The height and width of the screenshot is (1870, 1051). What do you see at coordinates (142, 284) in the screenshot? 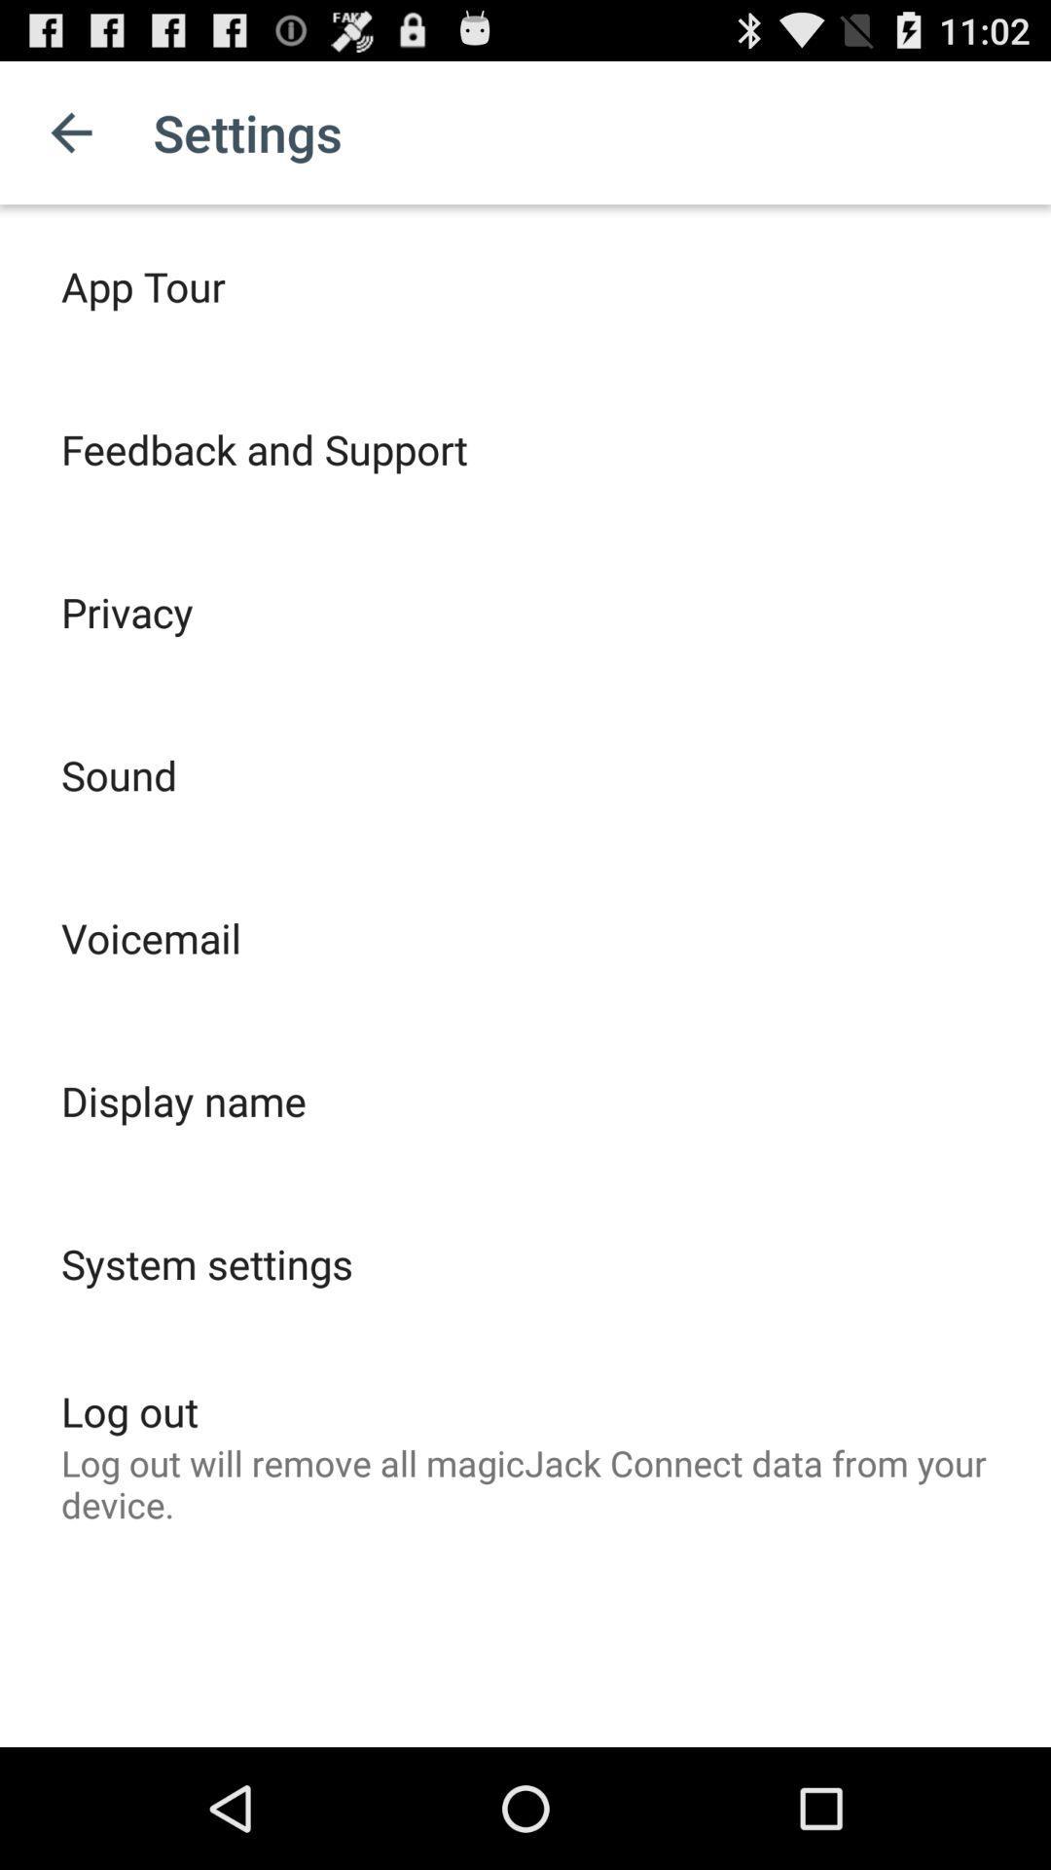
I see `the app tour item` at bounding box center [142, 284].